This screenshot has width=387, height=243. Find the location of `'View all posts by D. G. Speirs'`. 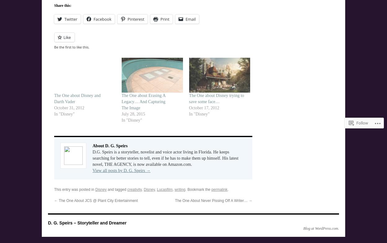

'View all posts by D. G. Speirs' is located at coordinates (119, 170).